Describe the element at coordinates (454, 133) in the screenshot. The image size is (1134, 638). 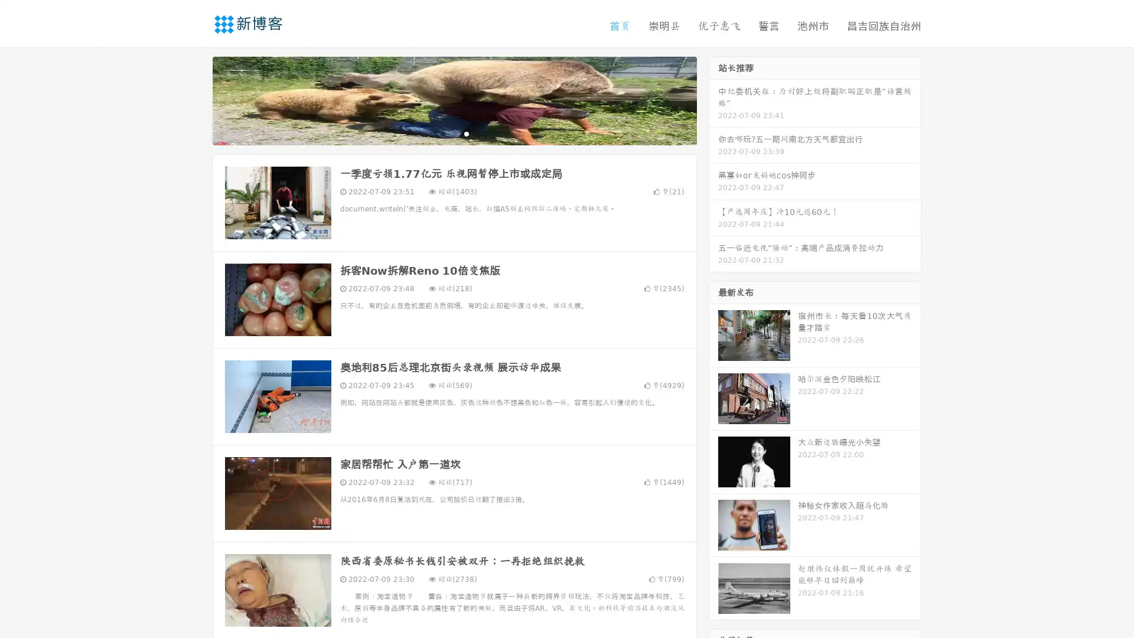
I see `Go to slide 2` at that location.